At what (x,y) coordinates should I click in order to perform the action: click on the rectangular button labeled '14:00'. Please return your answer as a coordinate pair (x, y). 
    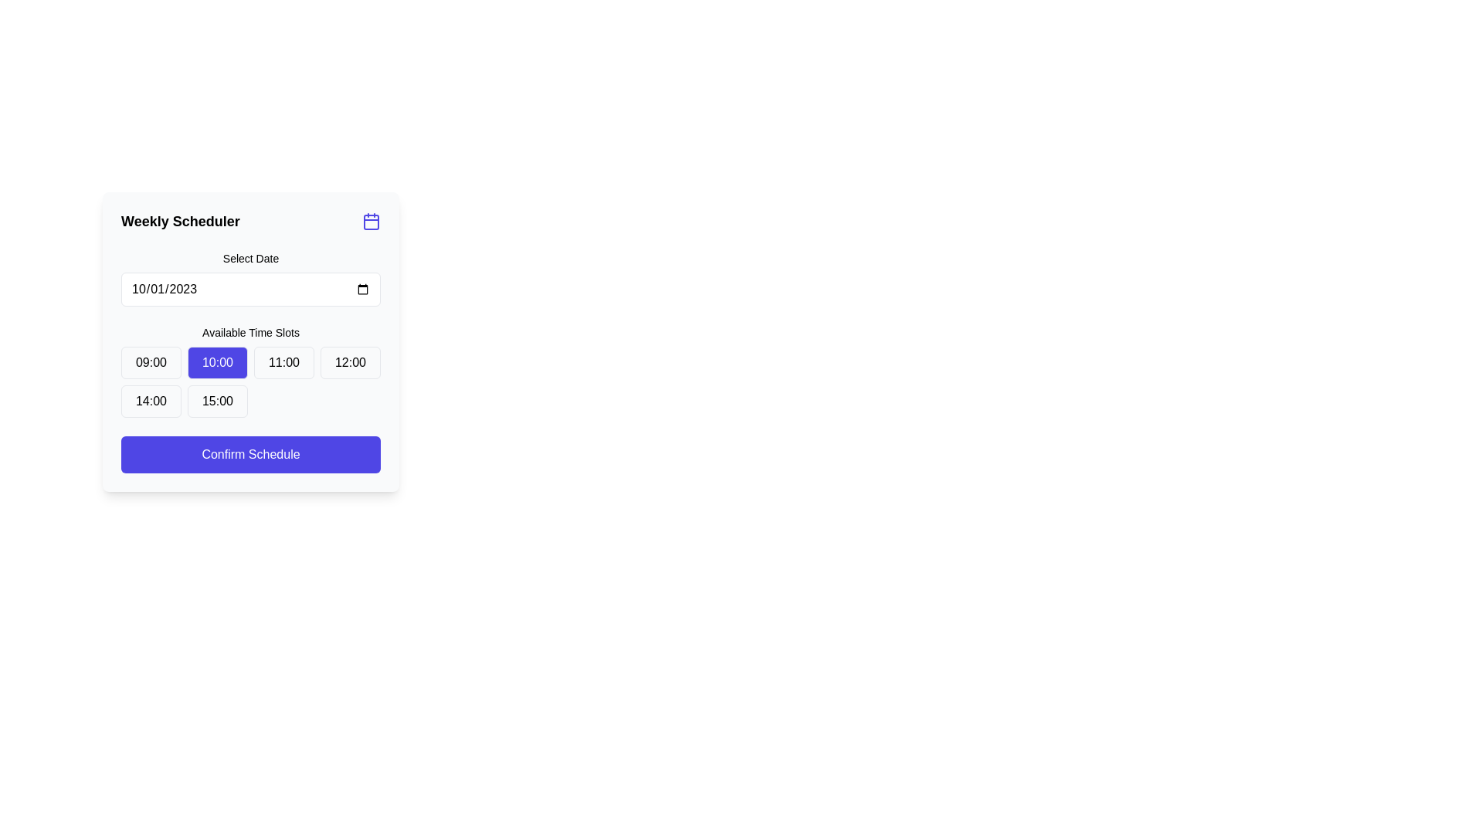
    Looking at the image, I should click on (151, 401).